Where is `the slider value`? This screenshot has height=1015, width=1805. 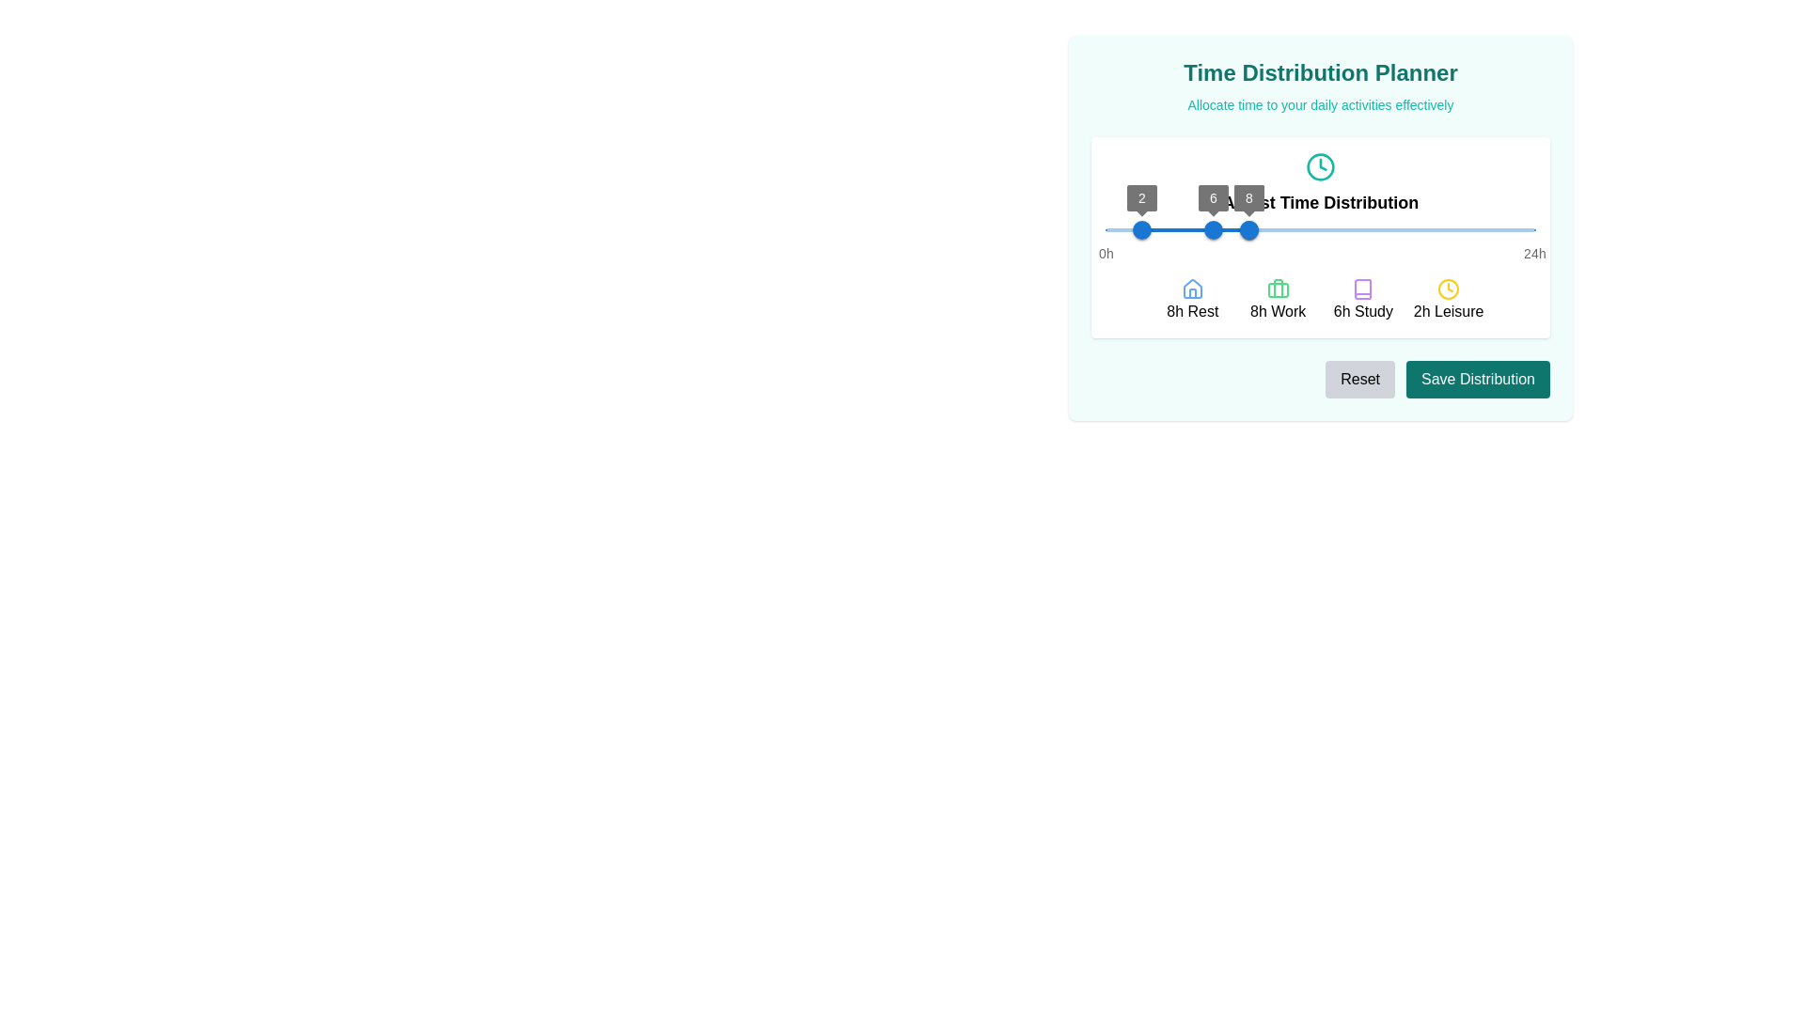
the slider value is located at coordinates (1122, 229).